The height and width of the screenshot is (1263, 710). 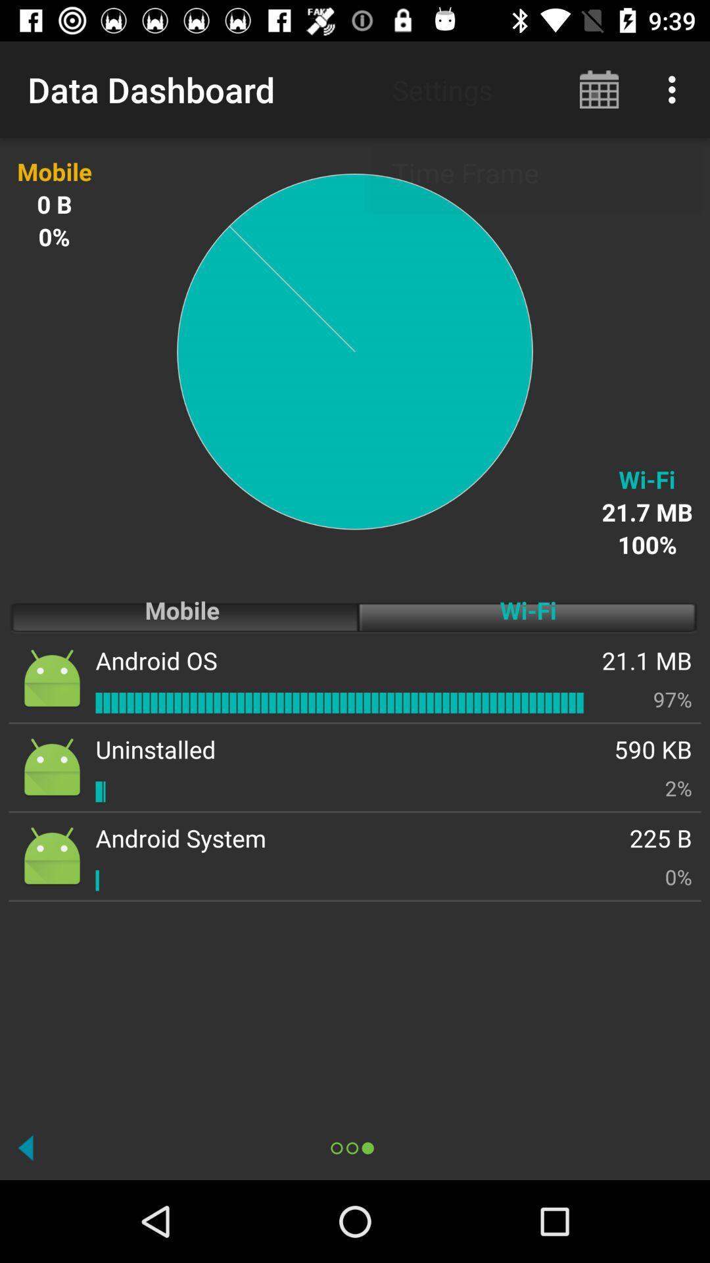 What do you see at coordinates (26, 1147) in the screenshot?
I see `come back` at bounding box center [26, 1147].